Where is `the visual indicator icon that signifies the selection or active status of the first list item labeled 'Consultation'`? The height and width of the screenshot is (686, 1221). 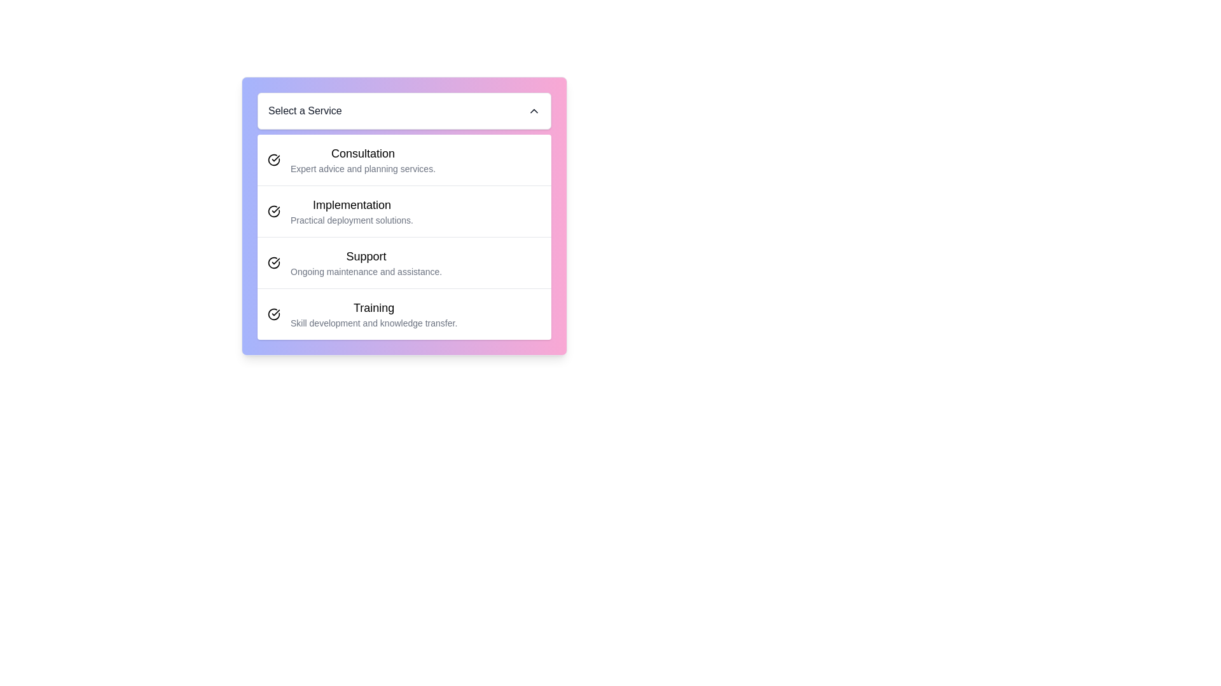
the visual indicator icon that signifies the selection or active status of the first list item labeled 'Consultation' is located at coordinates (273, 159).